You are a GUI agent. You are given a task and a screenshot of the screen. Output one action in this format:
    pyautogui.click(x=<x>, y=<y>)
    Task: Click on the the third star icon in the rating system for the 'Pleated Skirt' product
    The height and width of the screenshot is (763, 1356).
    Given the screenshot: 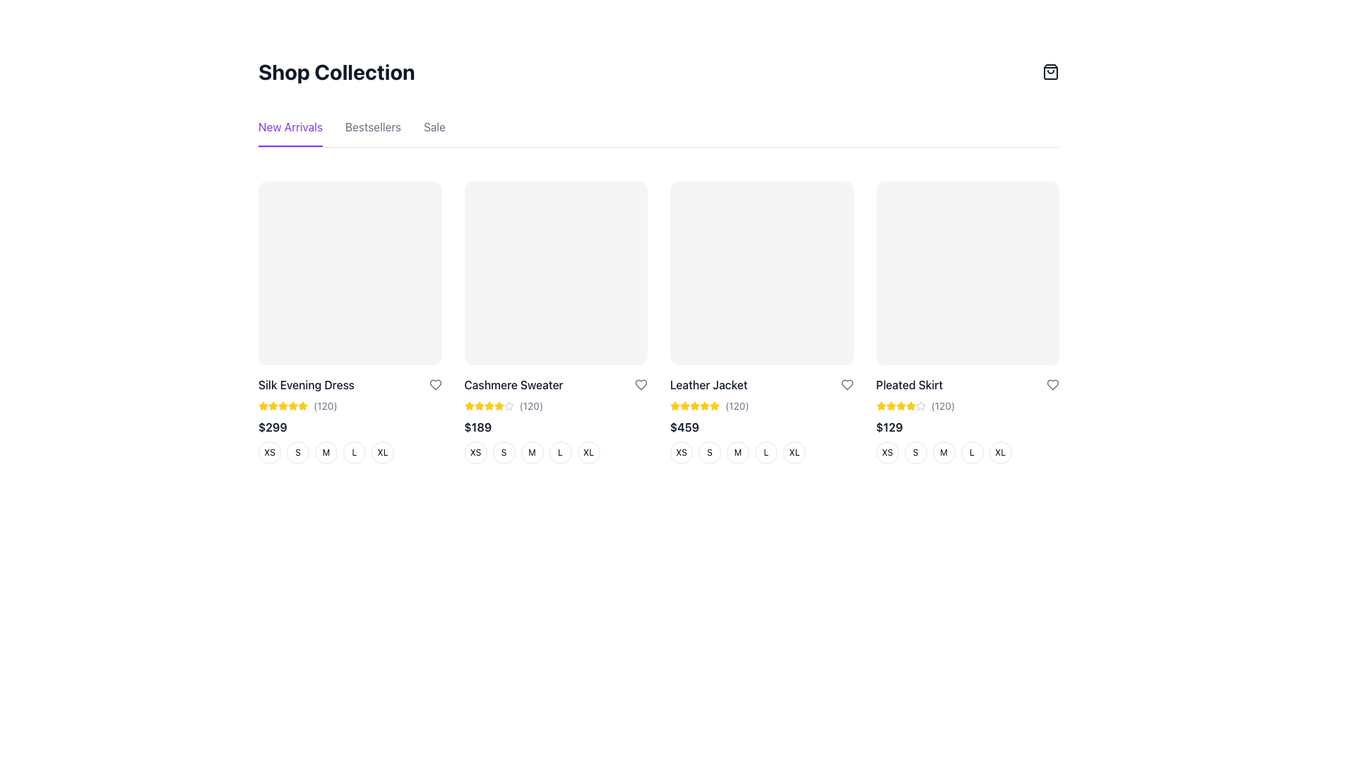 What is the action you would take?
    pyautogui.click(x=890, y=406)
    